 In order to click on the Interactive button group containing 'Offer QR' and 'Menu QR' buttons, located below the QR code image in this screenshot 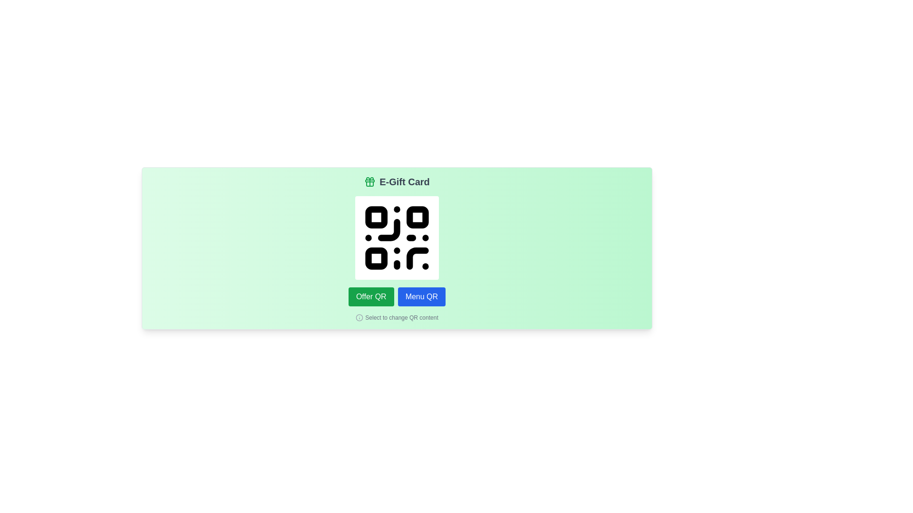, I will do `click(397, 296)`.